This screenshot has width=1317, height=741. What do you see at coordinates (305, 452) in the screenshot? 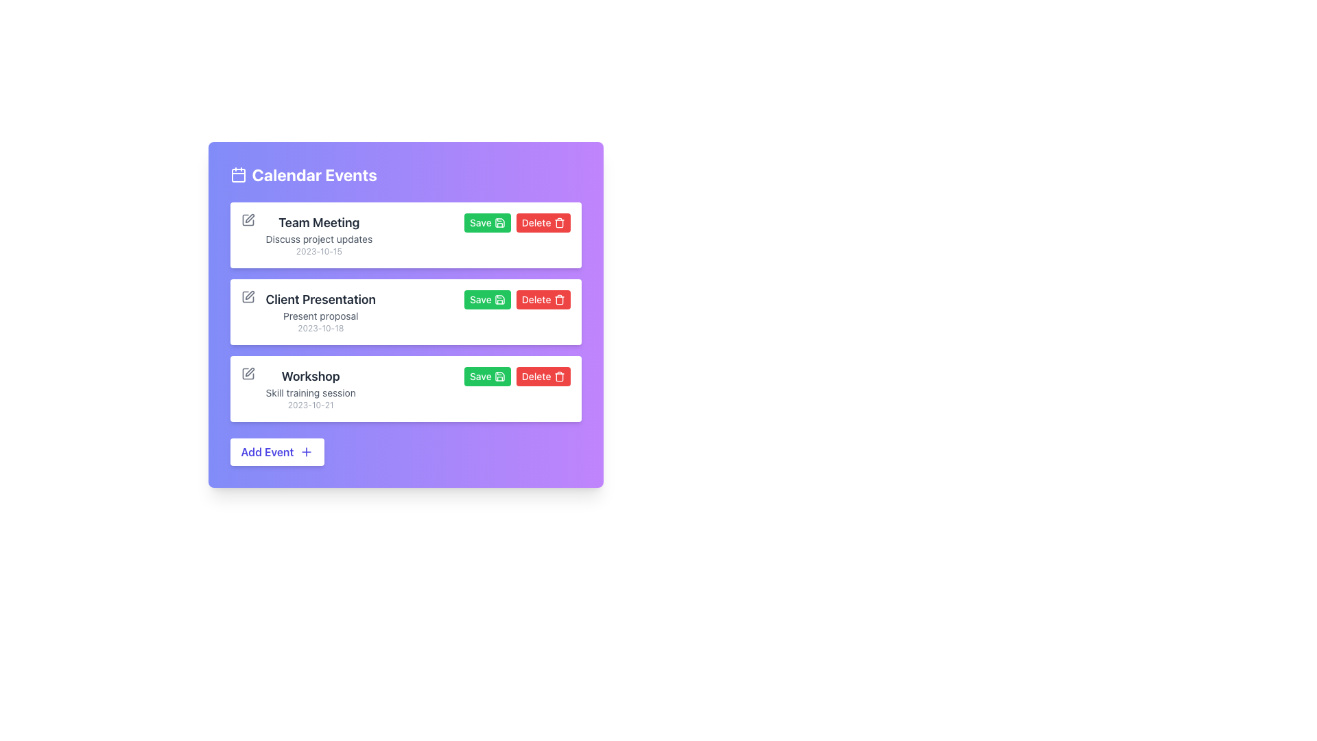
I see `the plus sign icon within the 'Add Event' button, which is located at the bottom left of the interface` at bounding box center [305, 452].